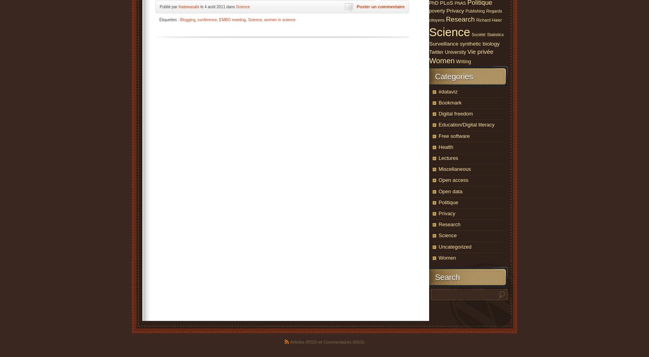 The width and height of the screenshot is (649, 357). What do you see at coordinates (199, 6) in the screenshot?
I see `'le 4 août 2011 dans'` at bounding box center [199, 6].